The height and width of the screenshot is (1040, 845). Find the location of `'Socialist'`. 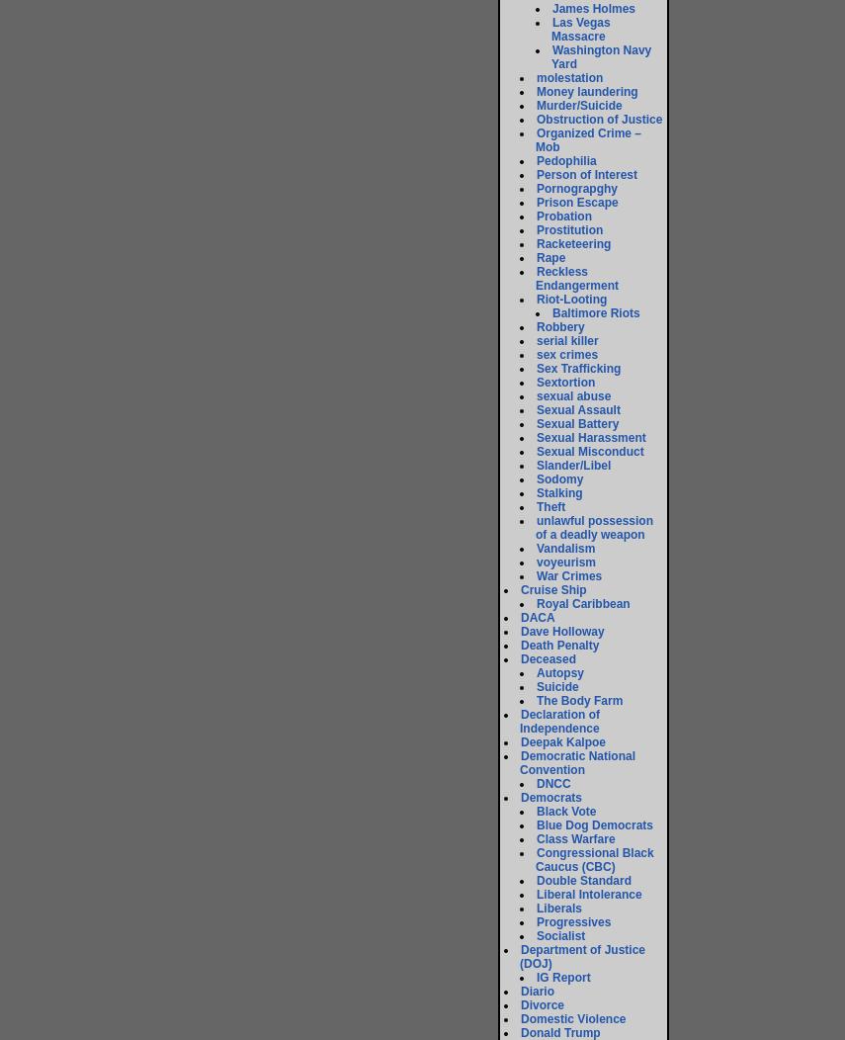

'Socialist' is located at coordinates (559, 935).